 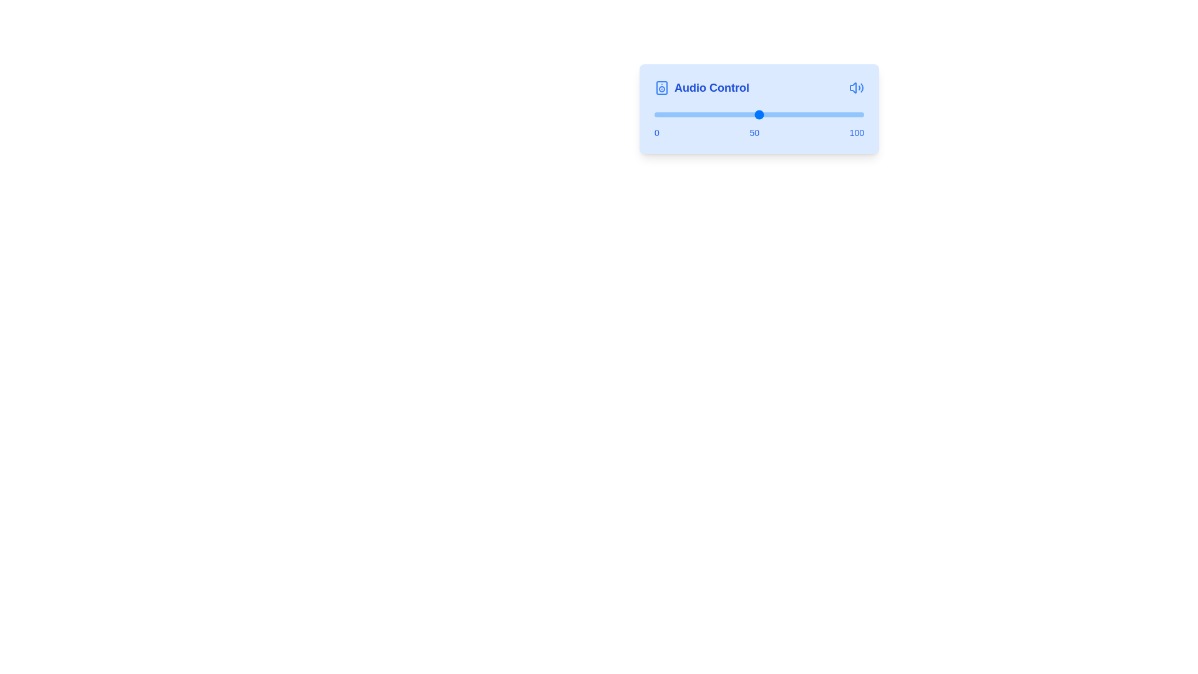 I want to click on the 'Audio Control' static text label, which is styled with a large bold font in blue color, located on a blue background within the audio control interface, so click(x=712, y=87).